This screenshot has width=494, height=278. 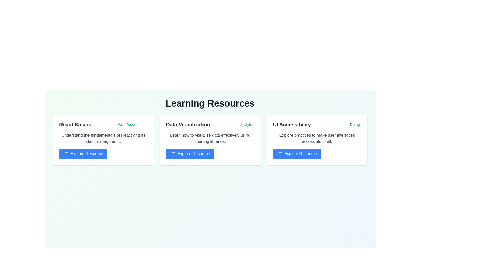 What do you see at coordinates (103, 138) in the screenshot?
I see `text block displaying the message 'Understand the fundamentals of React and its state management.' located below the title 'React Basics' and above the action button 'Explore Resource' in the first card of the resource cards` at bounding box center [103, 138].